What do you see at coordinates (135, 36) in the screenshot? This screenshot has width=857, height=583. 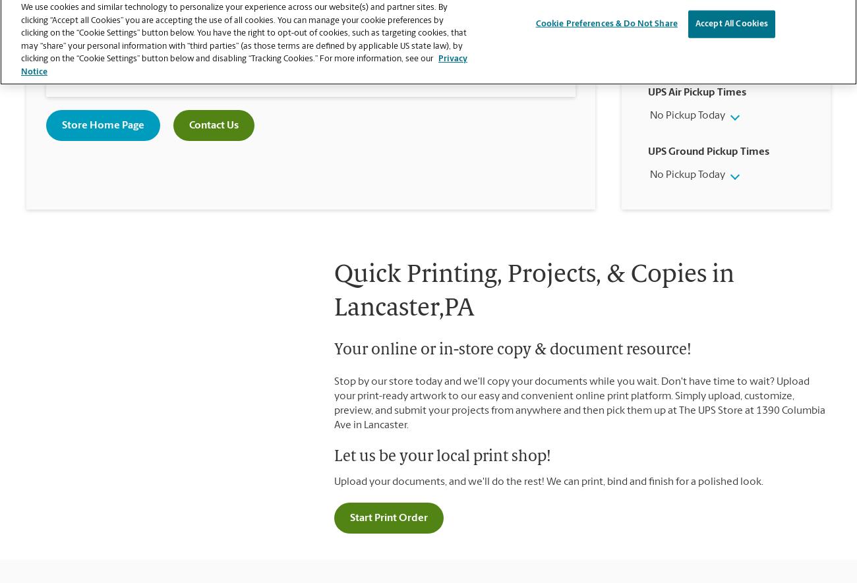 I see `','` at bounding box center [135, 36].